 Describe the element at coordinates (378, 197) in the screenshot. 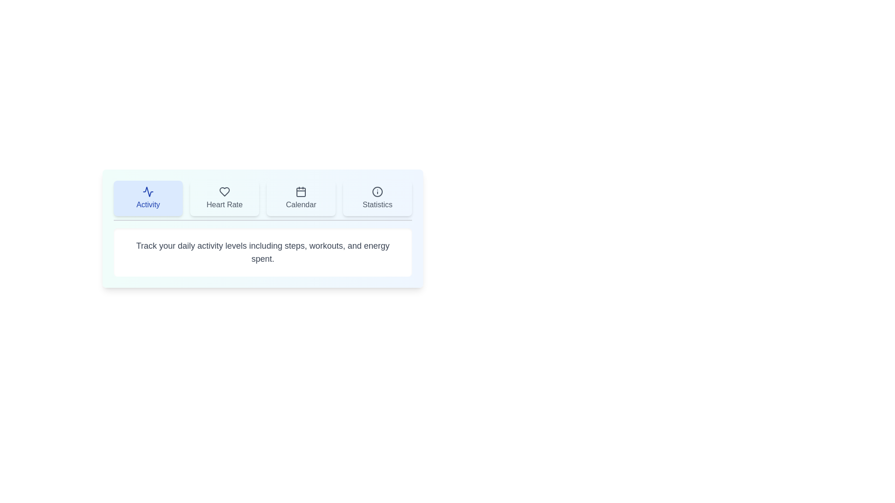

I see `the Statistics tab by clicking on its button` at that location.